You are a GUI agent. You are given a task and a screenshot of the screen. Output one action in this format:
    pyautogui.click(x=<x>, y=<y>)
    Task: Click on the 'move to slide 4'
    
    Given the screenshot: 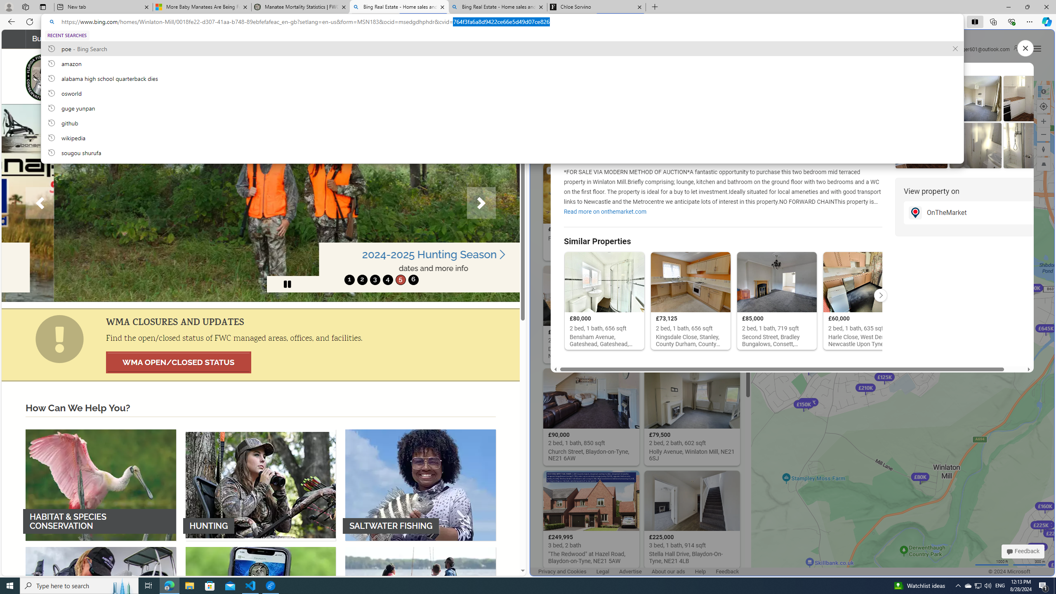 What is the action you would take?
    pyautogui.click(x=387, y=279)
    